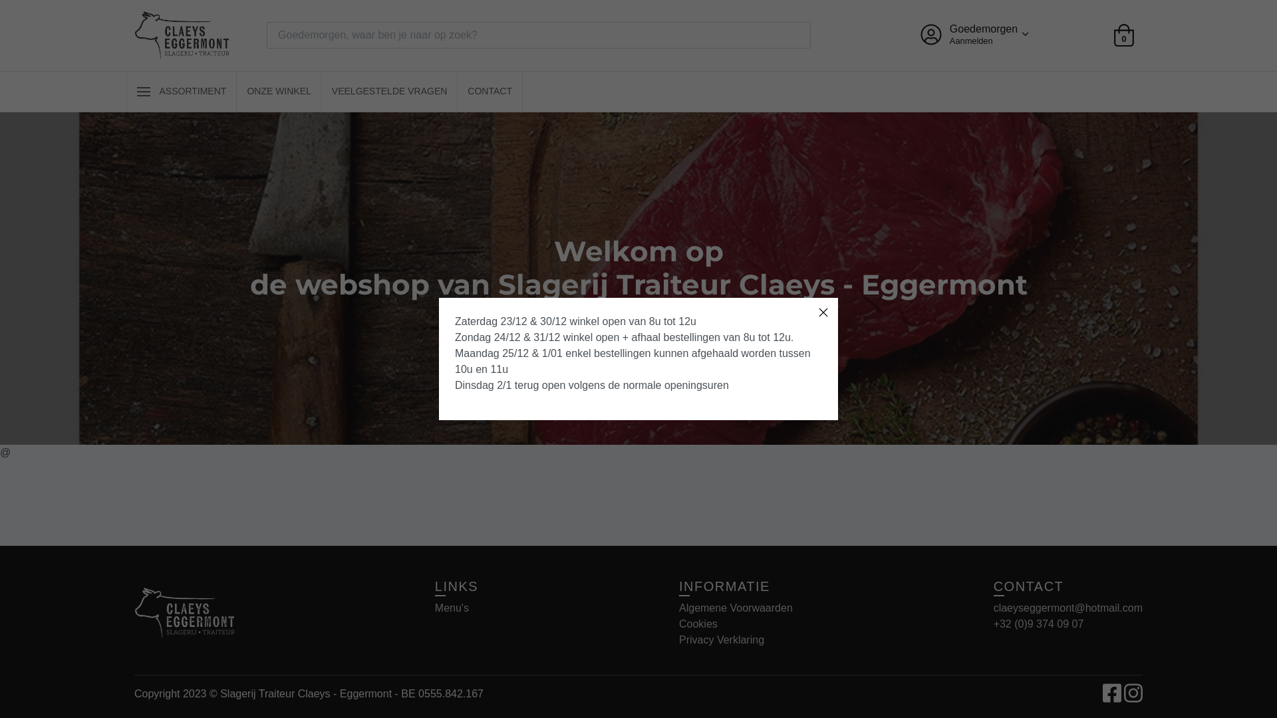  What do you see at coordinates (973, 34) in the screenshot?
I see `'Goedemorgen` at bounding box center [973, 34].